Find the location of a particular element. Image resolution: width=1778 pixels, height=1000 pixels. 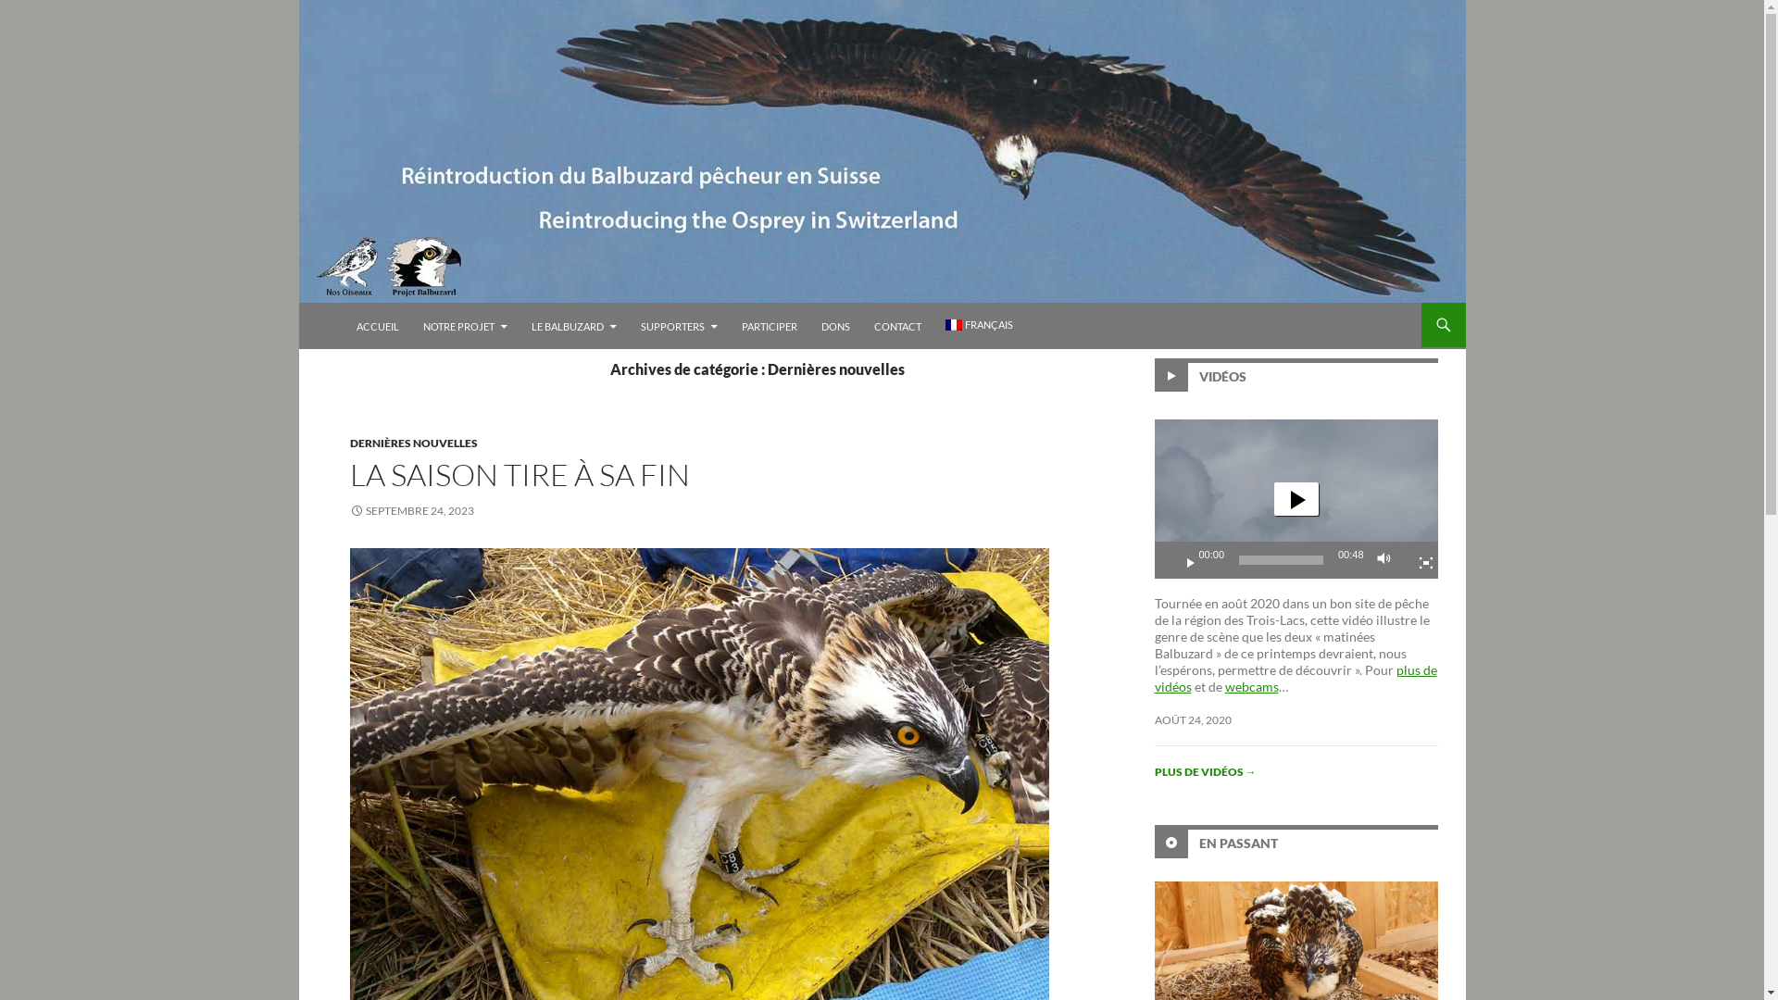

'SEPTEMBRE 24, 2023' is located at coordinates (411, 510).